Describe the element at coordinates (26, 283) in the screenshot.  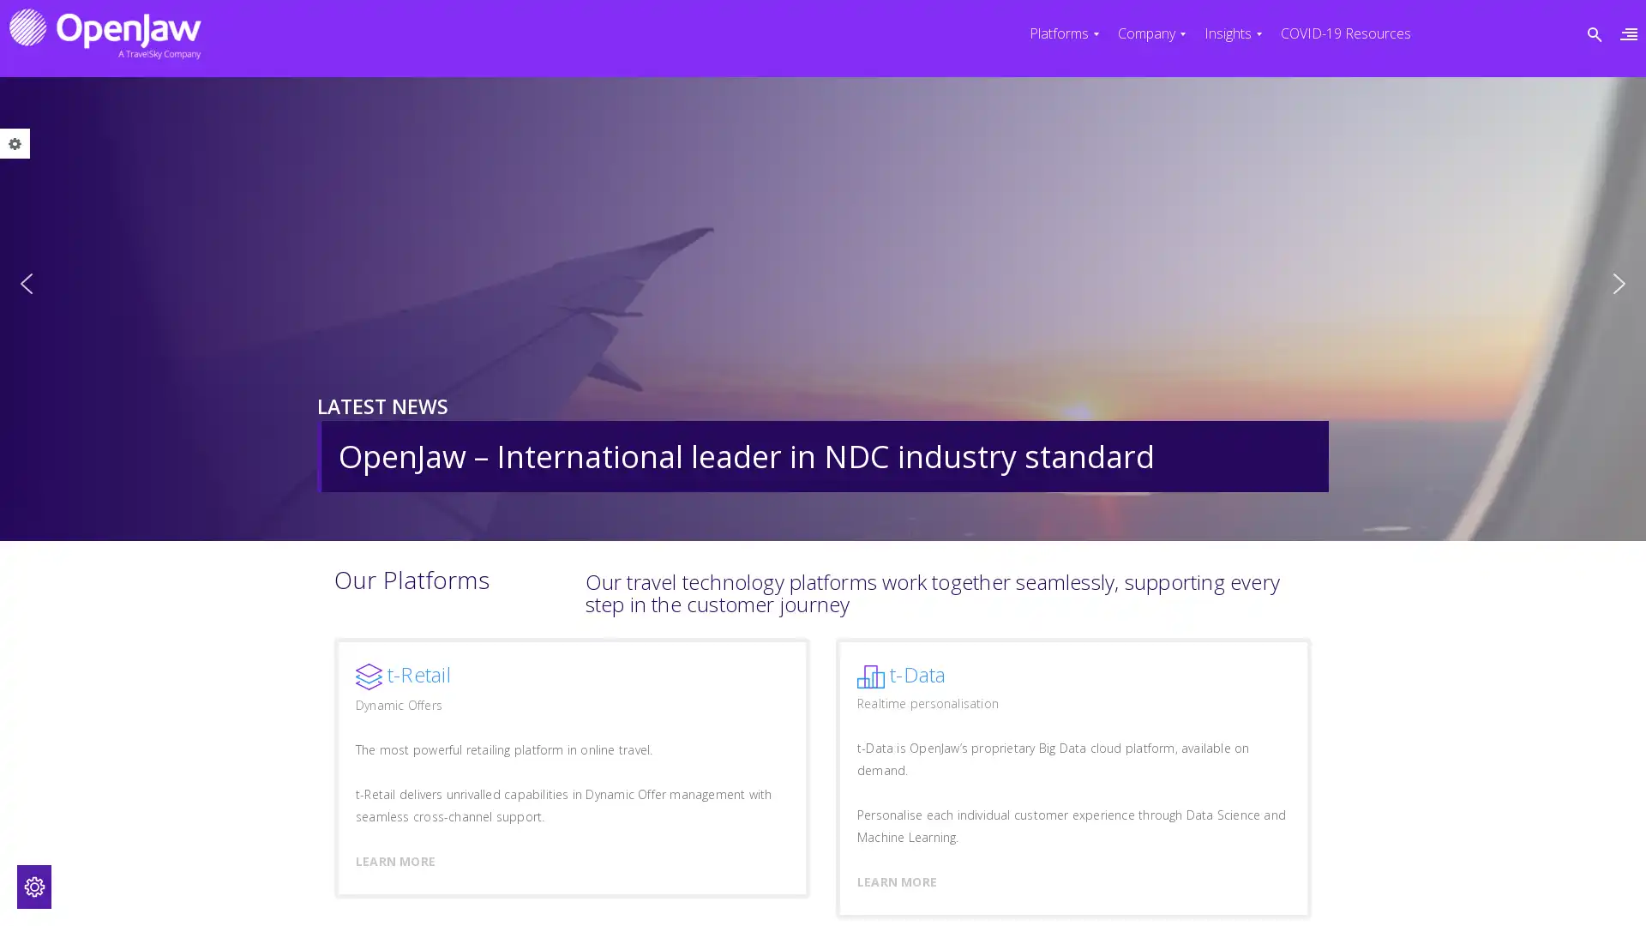
I see `previous arrow` at that location.